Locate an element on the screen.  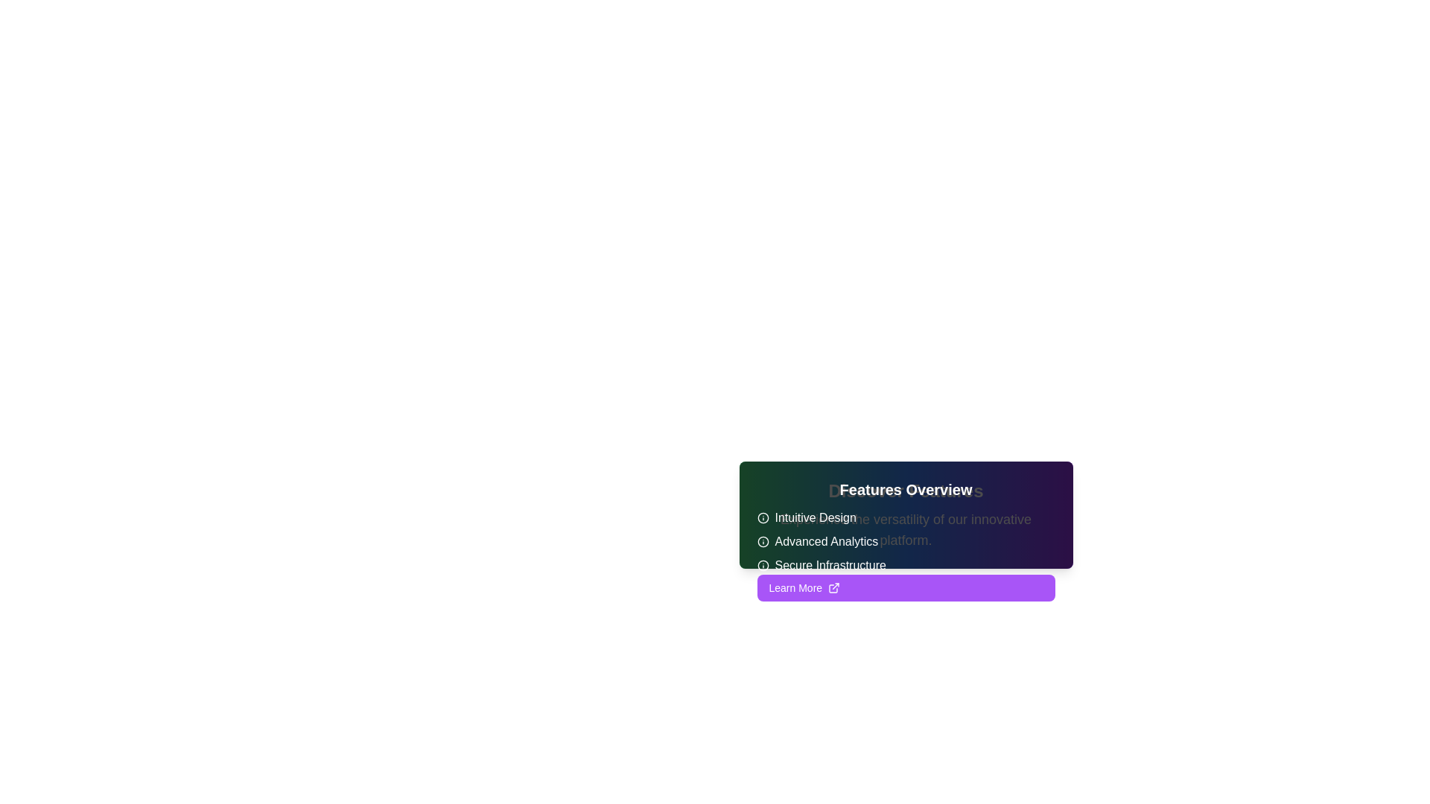
the Information panel with a gradient background containing the header 'Features Overview' and a list of features is located at coordinates (905, 514).